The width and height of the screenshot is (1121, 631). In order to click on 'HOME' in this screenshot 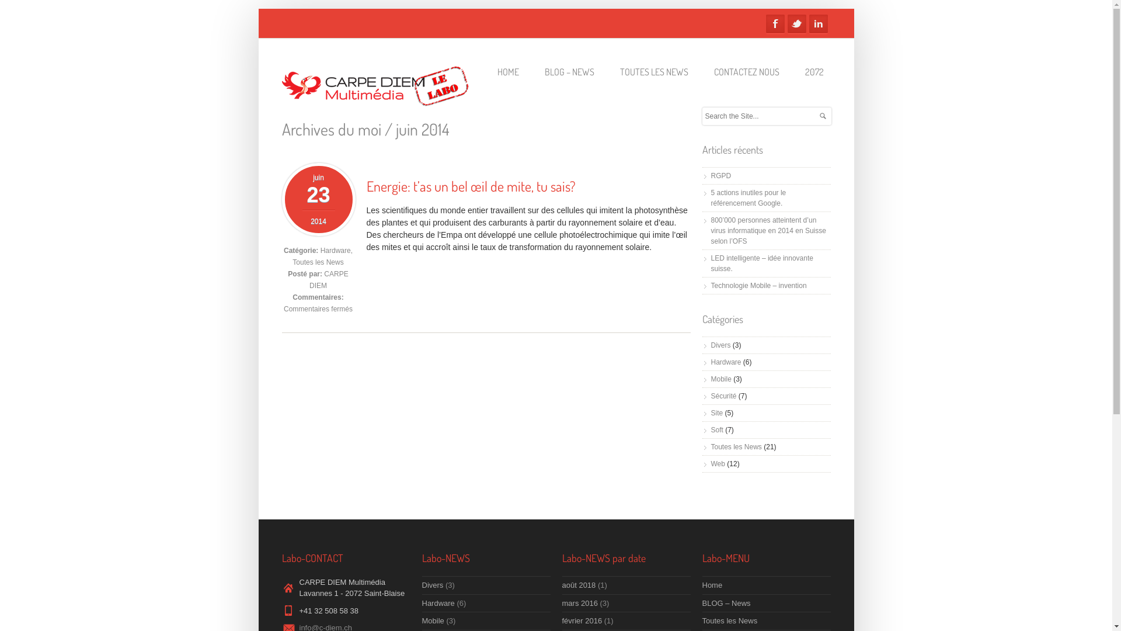, I will do `click(508, 72)`.